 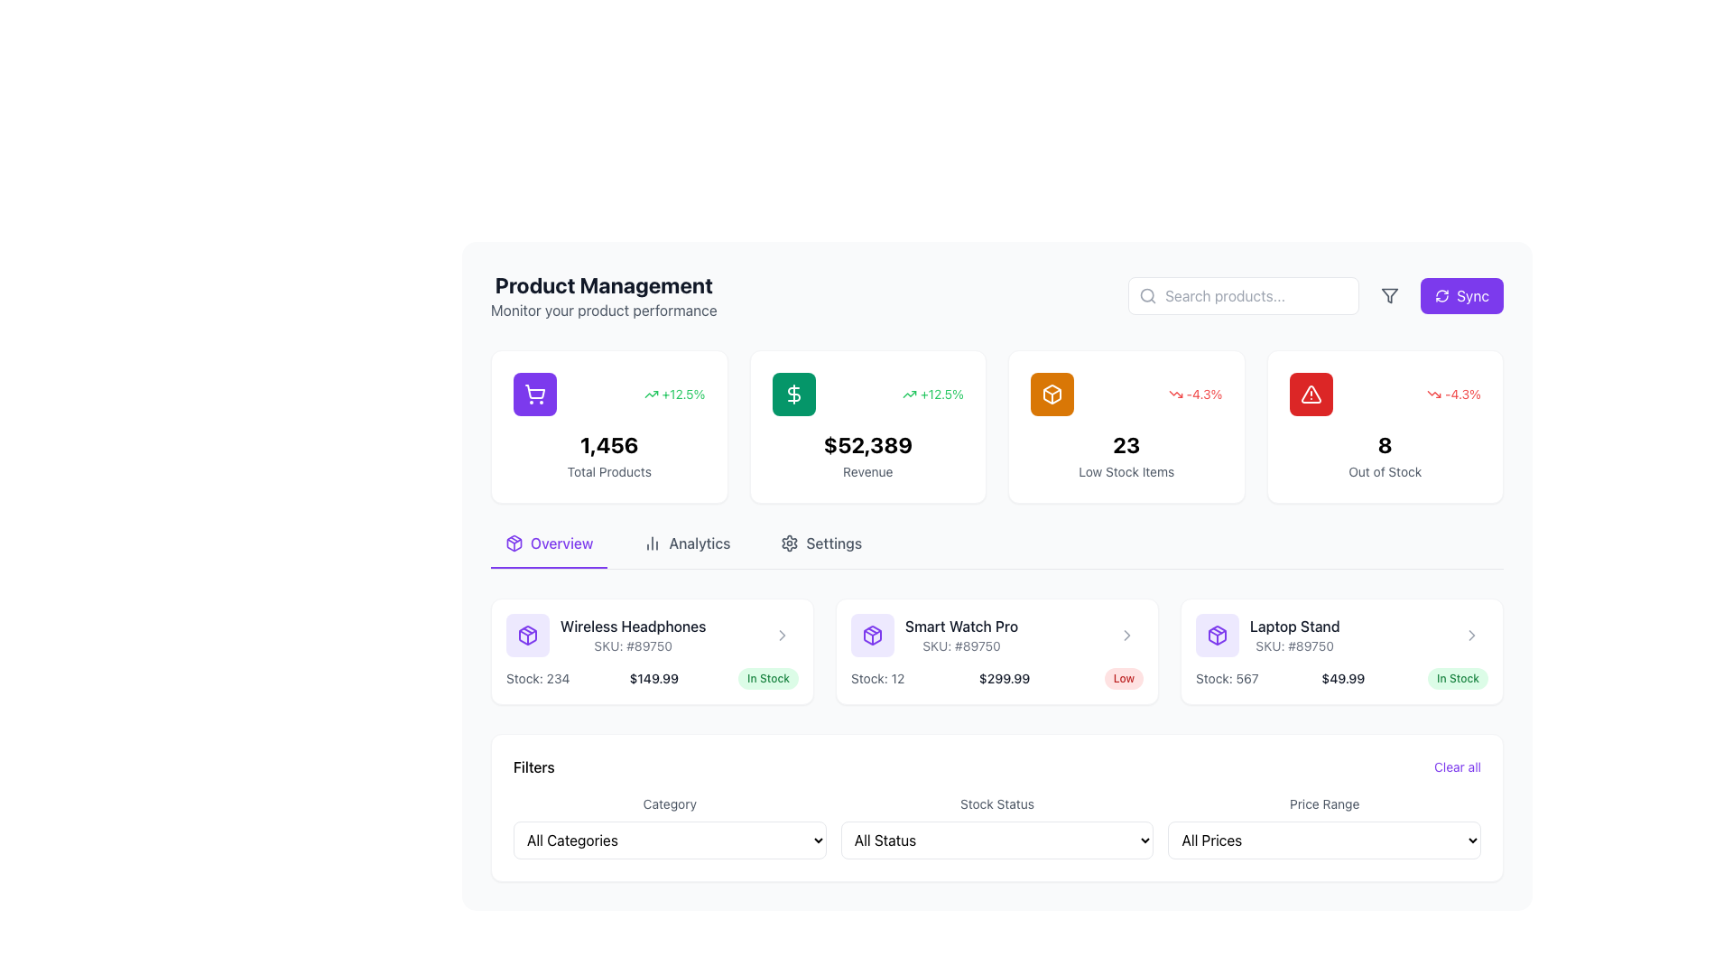 What do you see at coordinates (1242, 294) in the screenshot?
I see `the text input field used for searching products or information` at bounding box center [1242, 294].